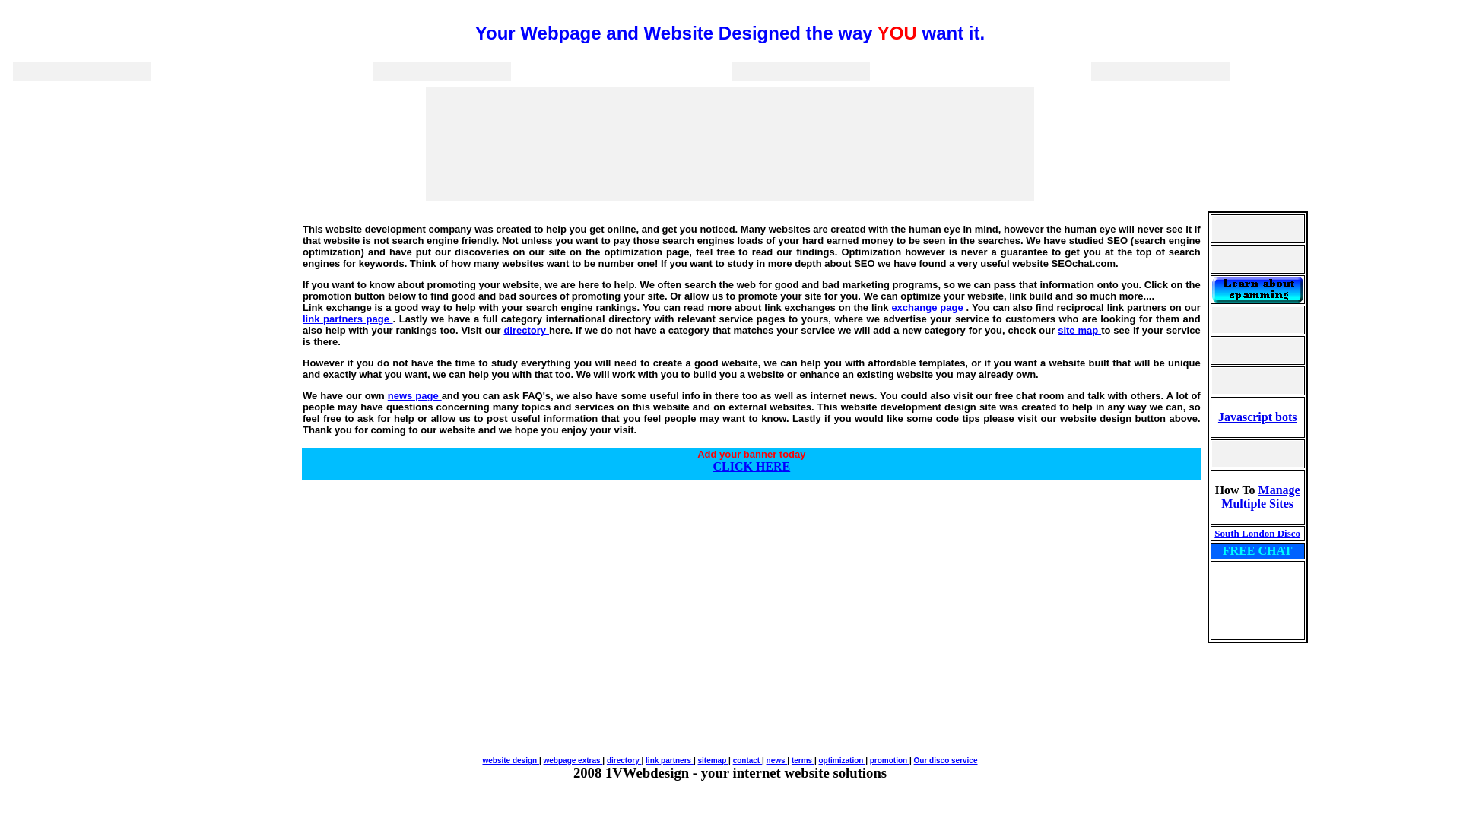 This screenshot has width=1460, height=821. Describe the element at coordinates (525, 329) in the screenshot. I see `'directory'` at that location.